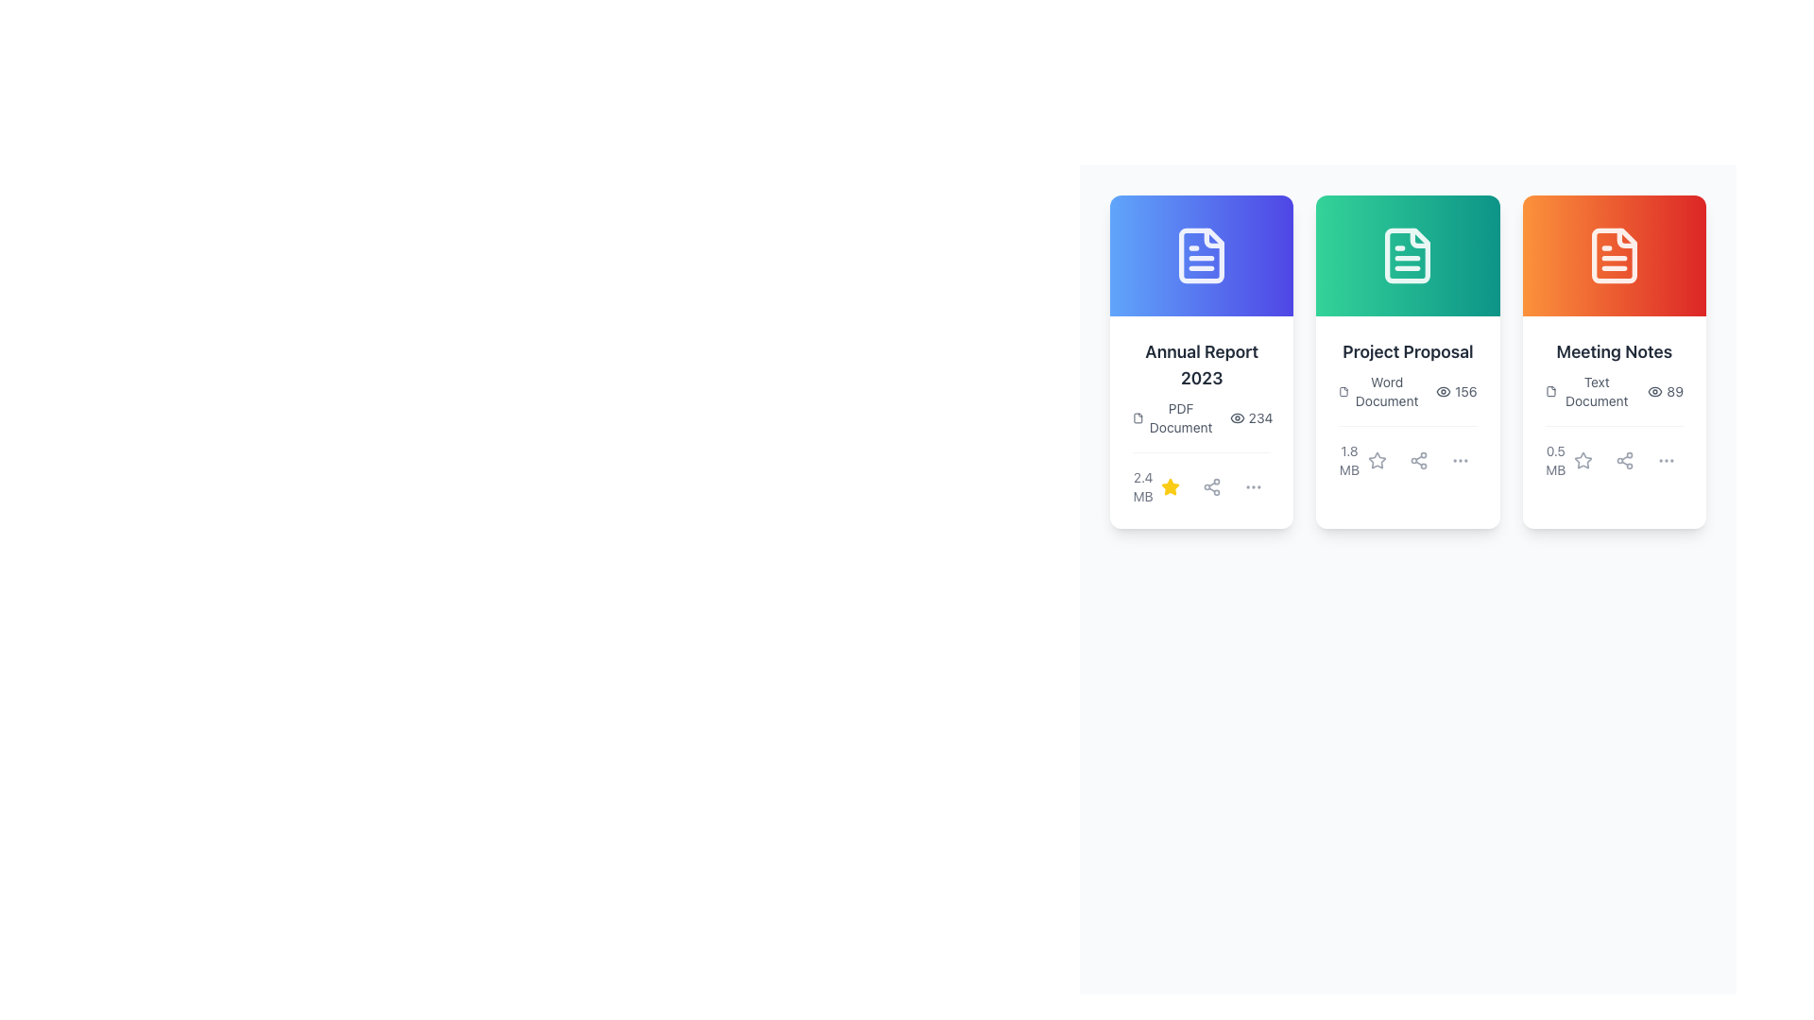 This screenshot has height=1020, width=1814. Describe the element at coordinates (1408, 408) in the screenshot. I see `information displayed in the text label located under the 'Project Proposal' title in the second card of a three-card grid` at that location.